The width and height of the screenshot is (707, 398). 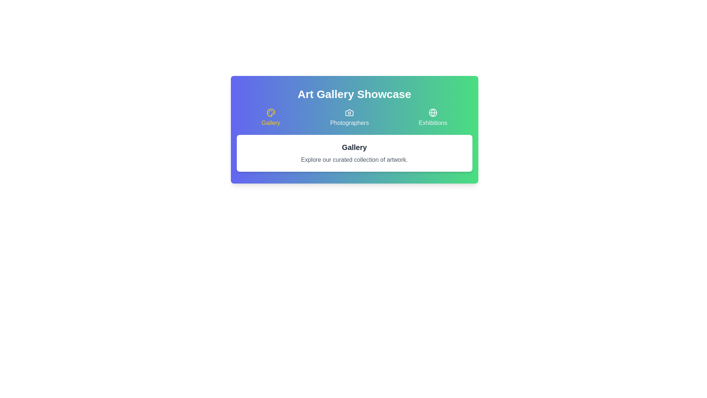 What do you see at coordinates (433, 118) in the screenshot?
I see `the tab corresponding to Exhibitions` at bounding box center [433, 118].